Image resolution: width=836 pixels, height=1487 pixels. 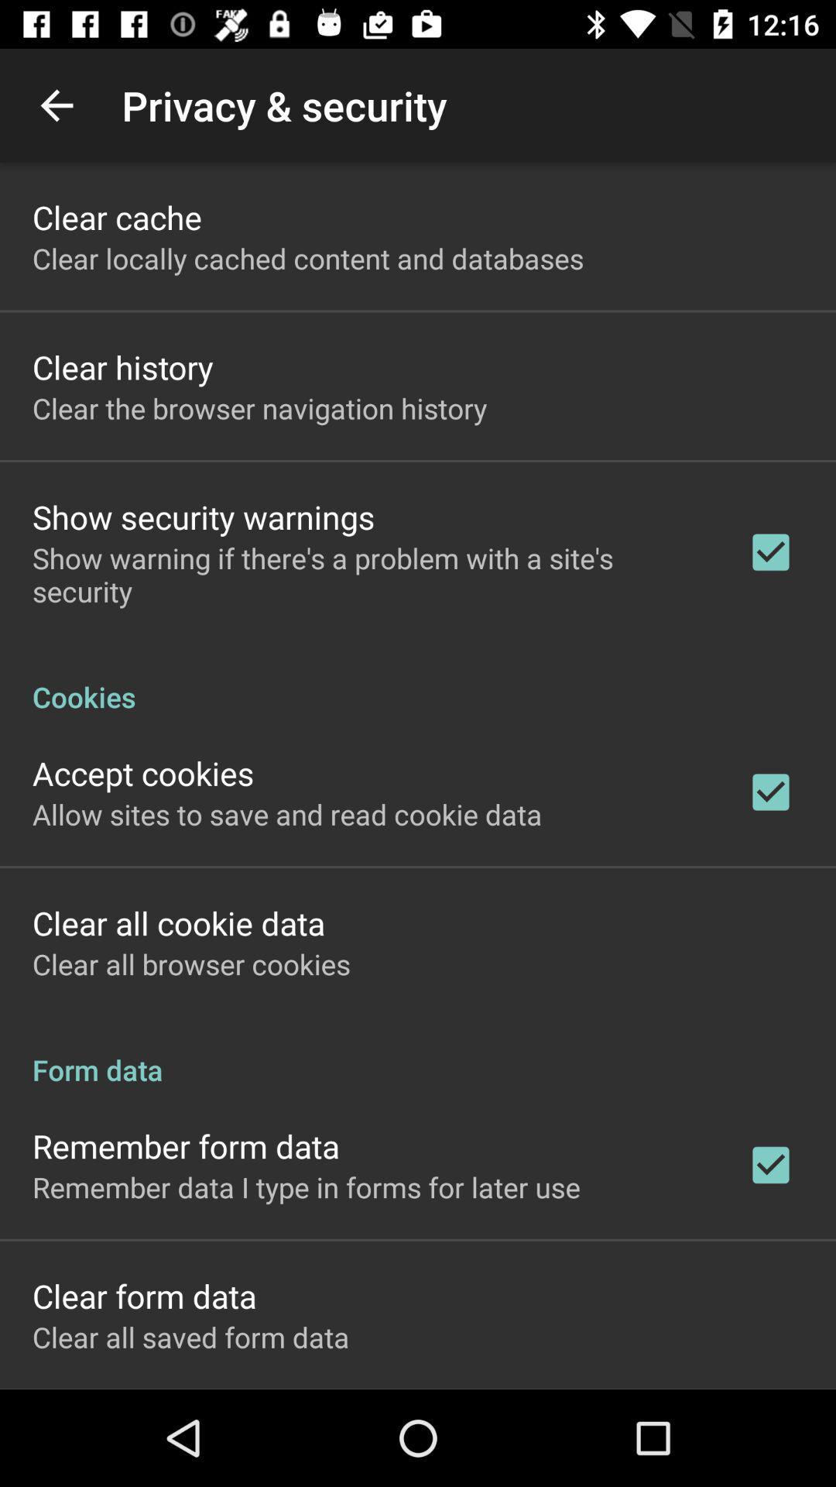 I want to click on show warning if item, so click(x=369, y=574).